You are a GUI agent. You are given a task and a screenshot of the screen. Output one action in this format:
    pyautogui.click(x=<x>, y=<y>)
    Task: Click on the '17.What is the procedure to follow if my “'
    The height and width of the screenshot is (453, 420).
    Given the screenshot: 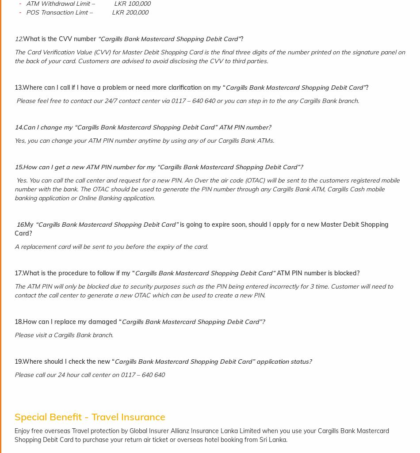 What is the action you would take?
    pyautogui.click(x=75, y=272)
    